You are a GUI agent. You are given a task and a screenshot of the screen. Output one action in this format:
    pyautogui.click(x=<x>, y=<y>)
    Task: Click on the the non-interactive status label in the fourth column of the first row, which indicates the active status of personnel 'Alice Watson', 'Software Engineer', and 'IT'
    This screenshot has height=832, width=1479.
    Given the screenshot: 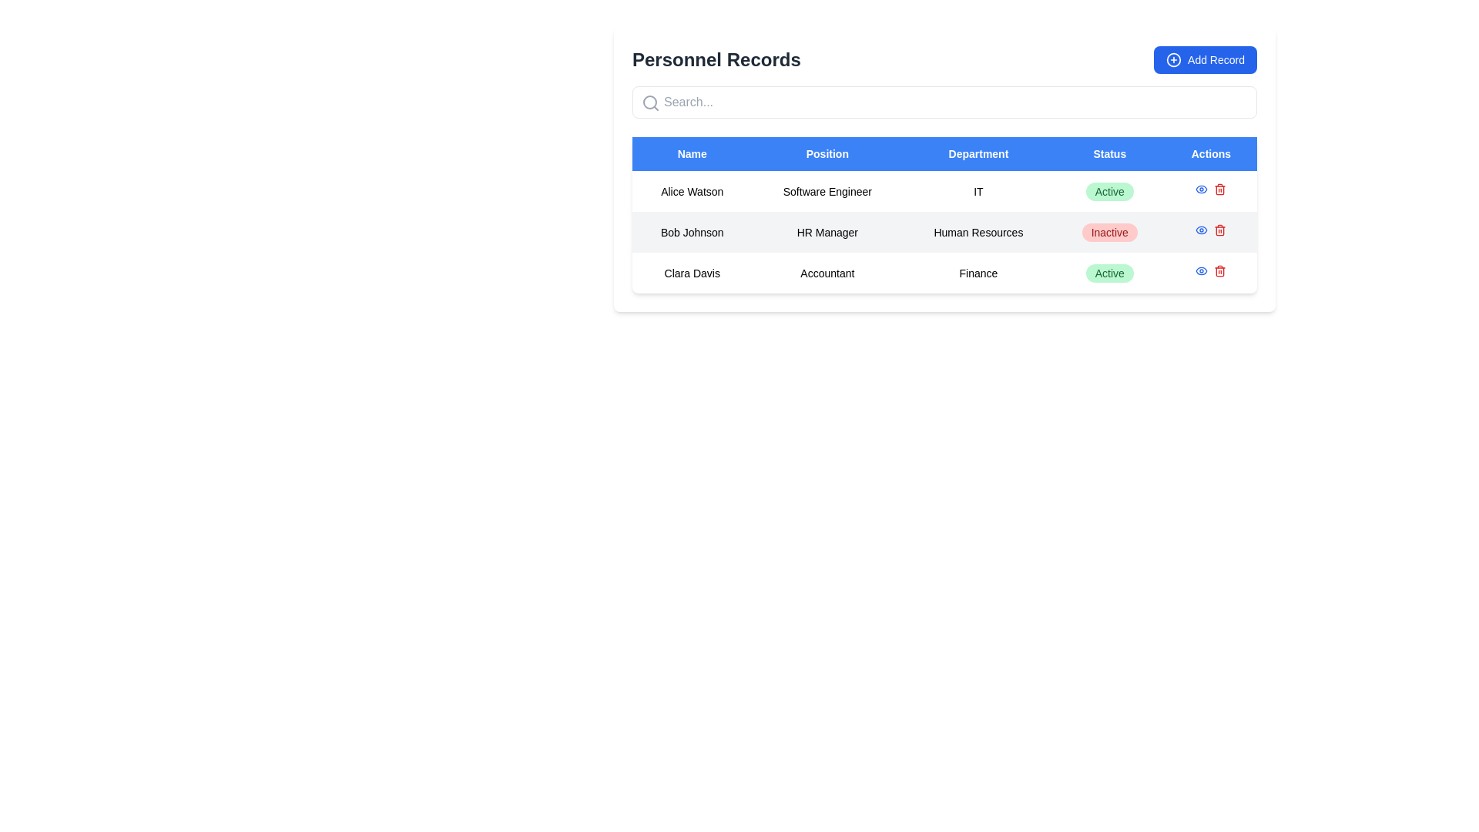 What is the action you would take?
    pyautogui.click(x=1109, y=190)
    